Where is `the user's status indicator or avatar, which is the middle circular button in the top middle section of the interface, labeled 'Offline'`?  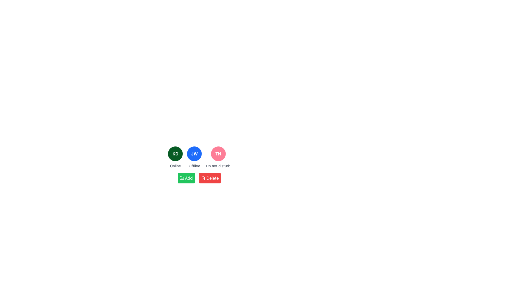
the user's status indicator or avatar, which is the middle circular button in the top middle section of the interface, labeled 'Offline' is located at coordinates (194, 154).